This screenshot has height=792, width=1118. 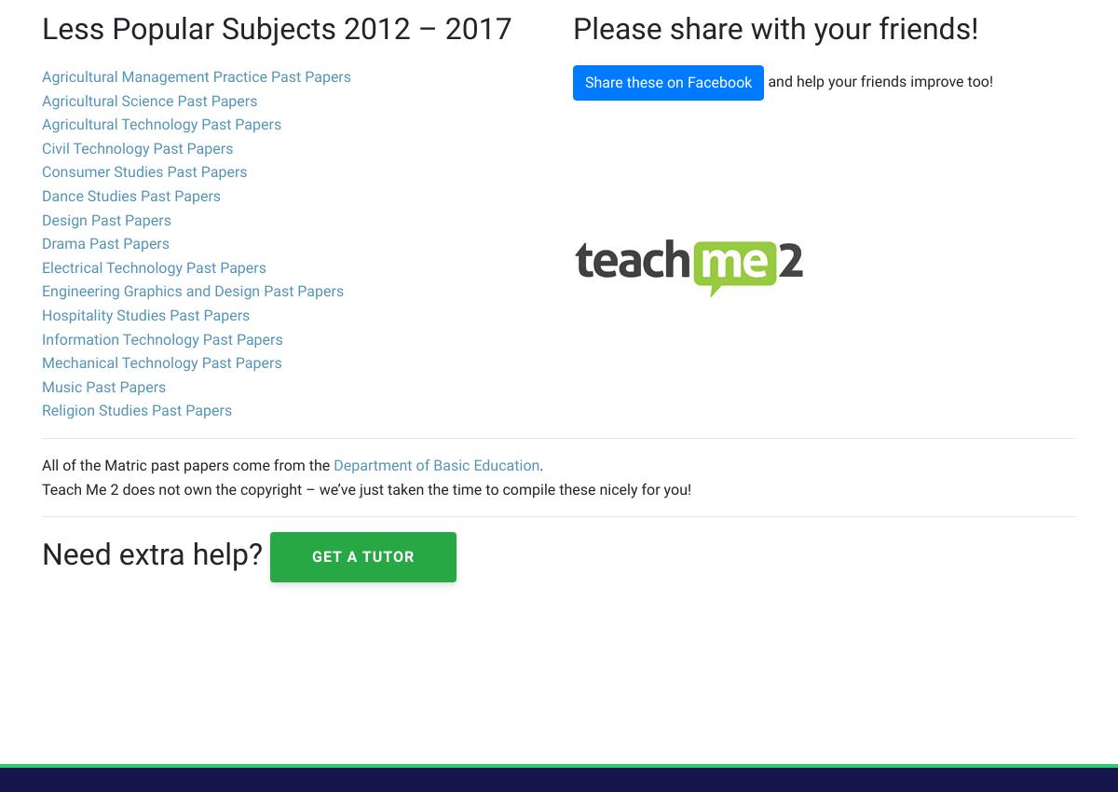 What do you see at coordinates (42, 291) in the screenshot?
I see `'Engineering Graphics and Design Past Papers'` at bounding box center [42, 291].